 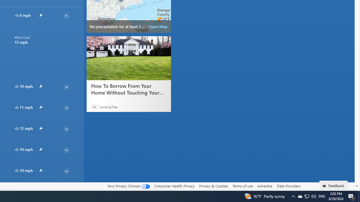 I want to click on 'Consumer Health Privacy', so click(x=174, y=186).